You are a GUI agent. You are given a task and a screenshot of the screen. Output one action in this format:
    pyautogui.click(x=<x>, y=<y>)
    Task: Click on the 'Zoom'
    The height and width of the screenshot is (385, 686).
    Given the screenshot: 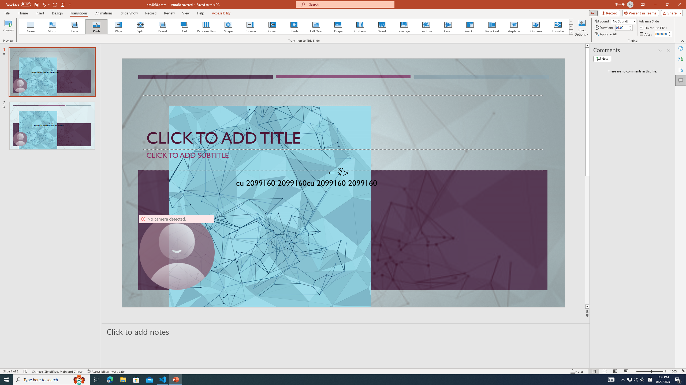 What is the action you would take?
    pyautogui.click(x=650, y=371)
    